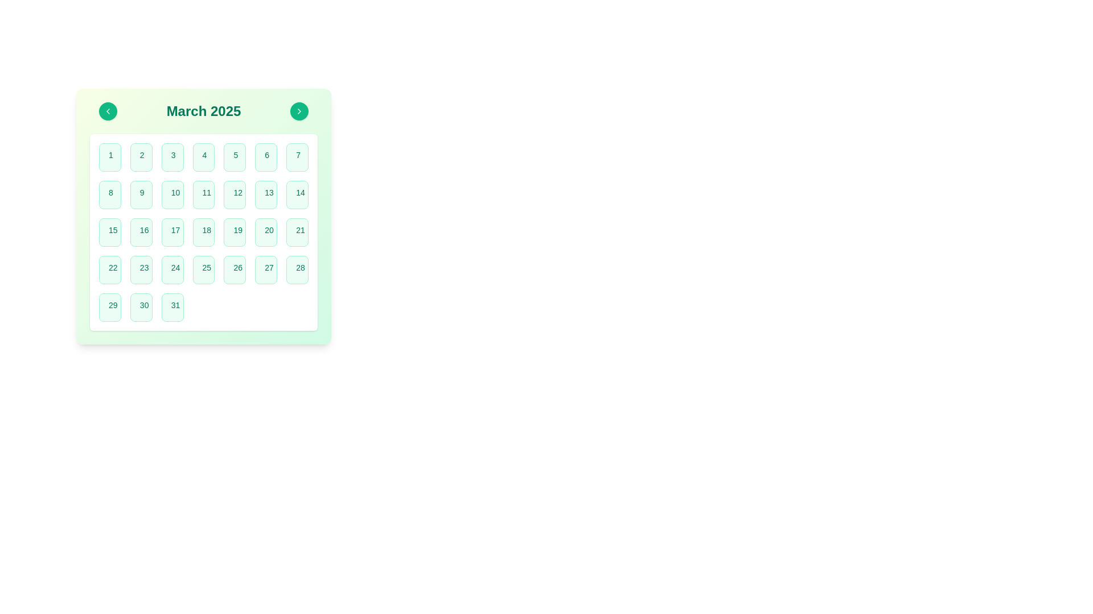  I want to click on text content of the 'March 2025' label located at the center of the calendar's header section, which is displayed in a large, bold font on a light green gradient background, so click(204, 111).